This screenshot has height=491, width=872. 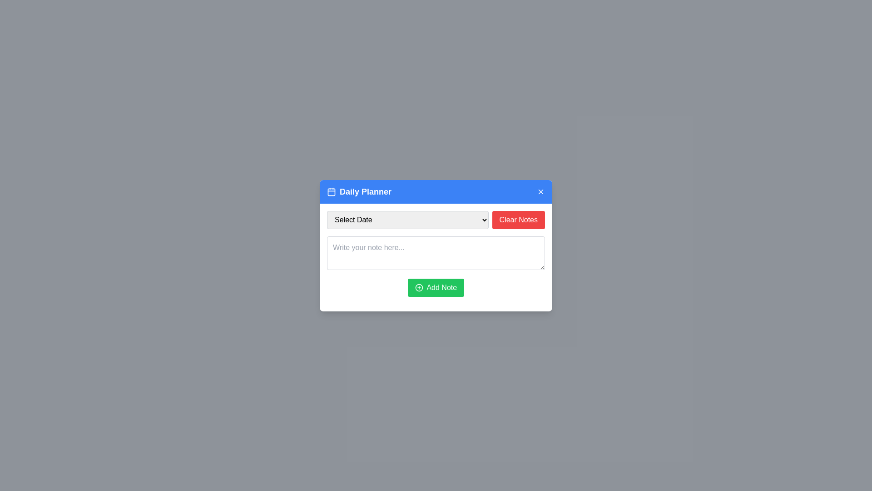 I want to click on the close button located in the top-right corner of the 'Daily Planner' header, so click(x=540, y=190).